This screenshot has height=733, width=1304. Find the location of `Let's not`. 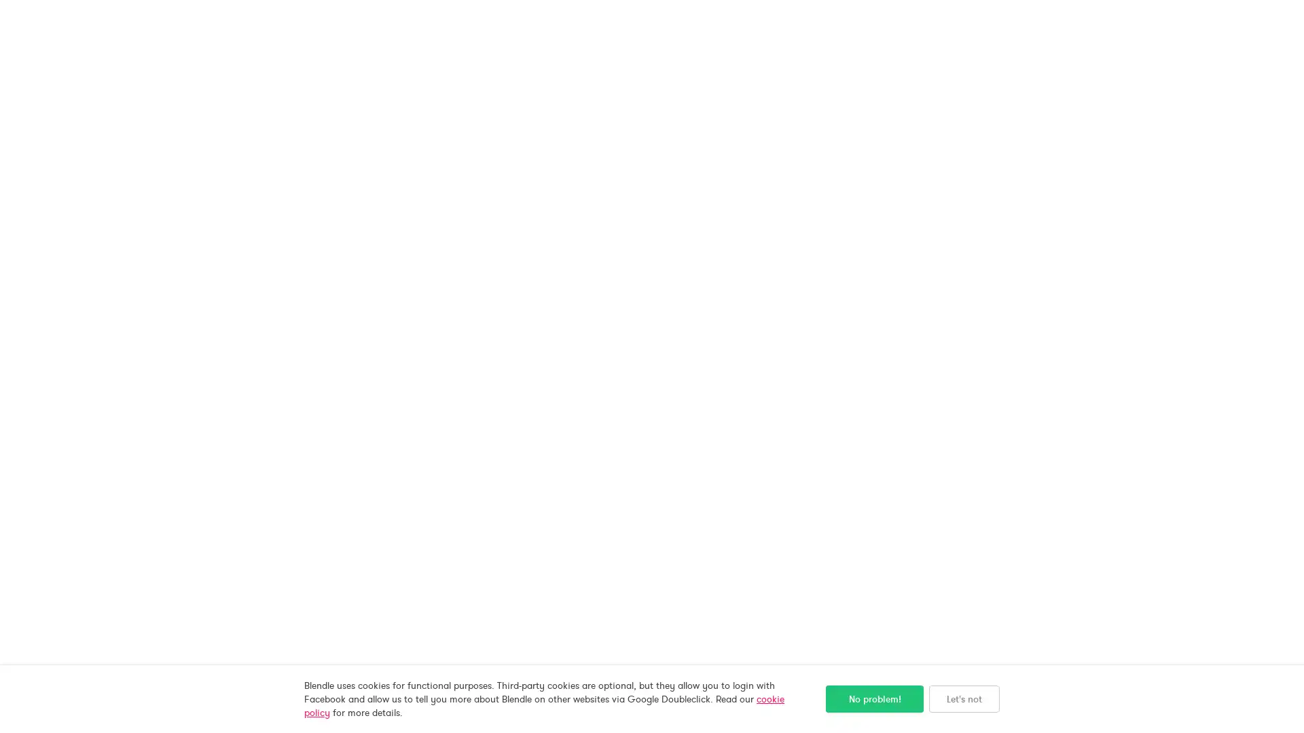

Let's not is located at coordinates (964, 698).